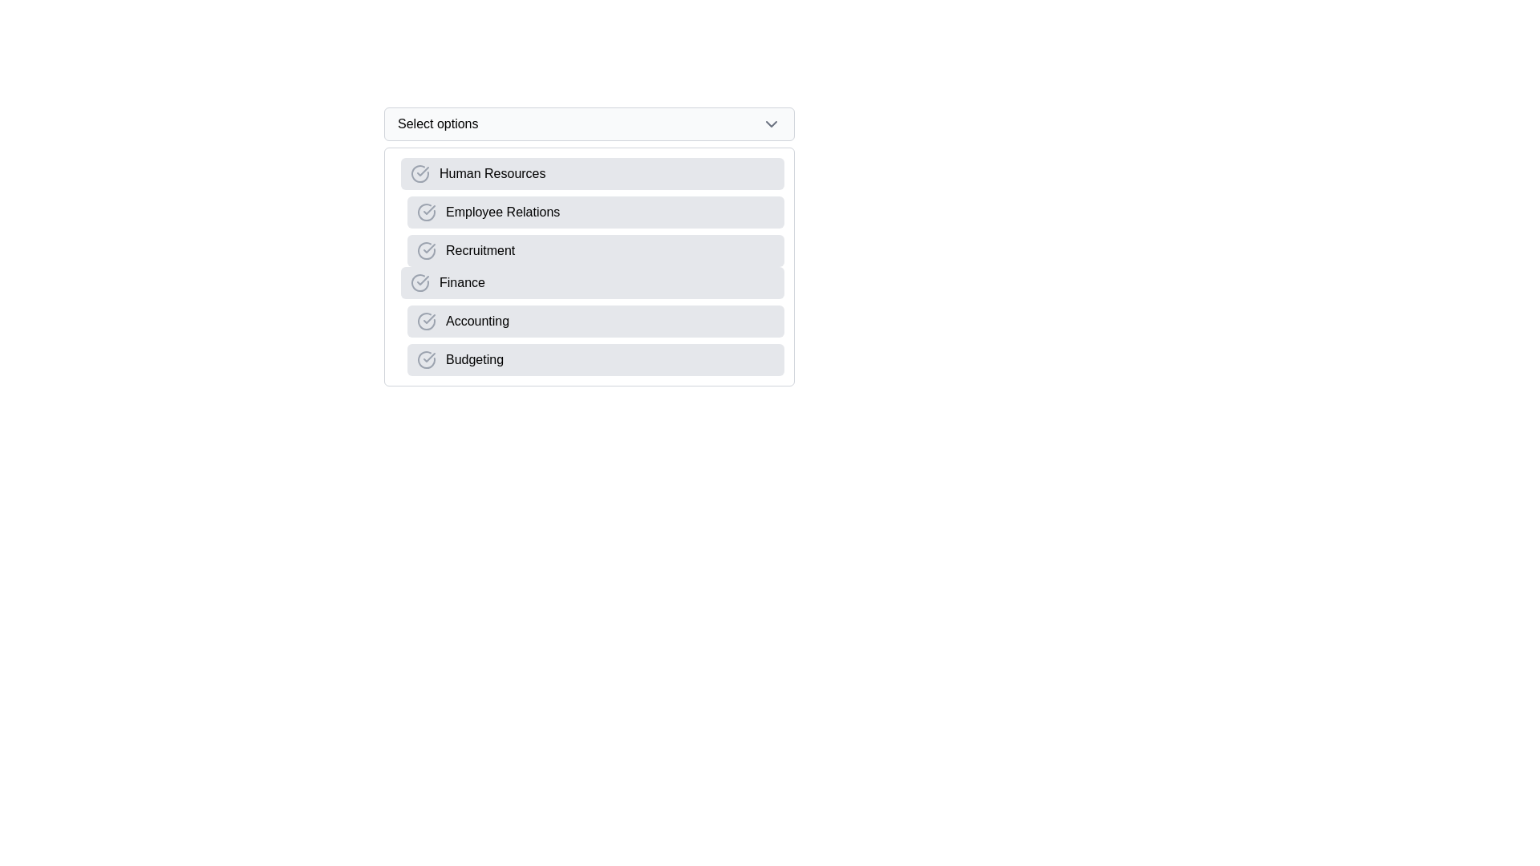  Describe the element at coordinates (419, 173) in the screenshot. I see `the circular gray icon with a check mark inside, located to the left of the 'Human Resources' text in the vertically arranged list of sections` at that location.